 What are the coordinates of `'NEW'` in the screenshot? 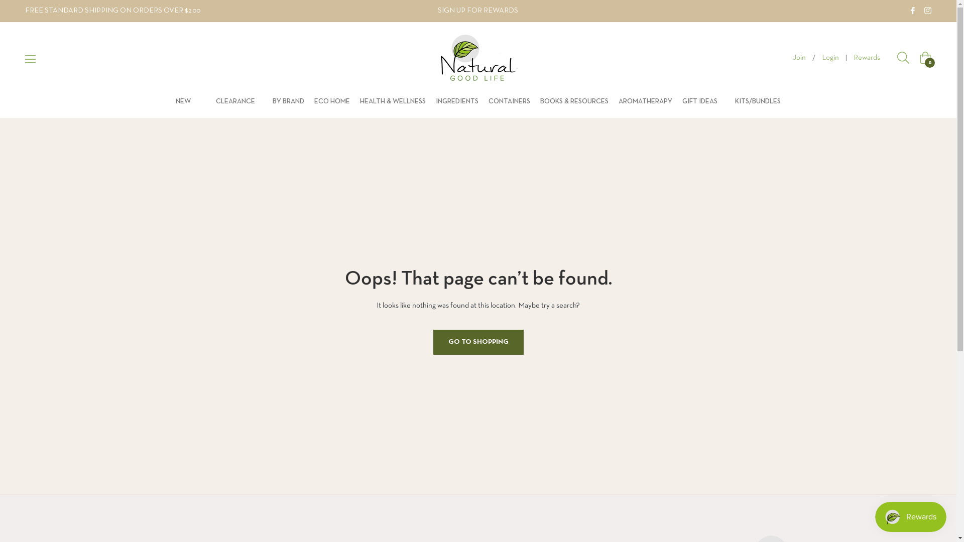 It's located at (183, 101).